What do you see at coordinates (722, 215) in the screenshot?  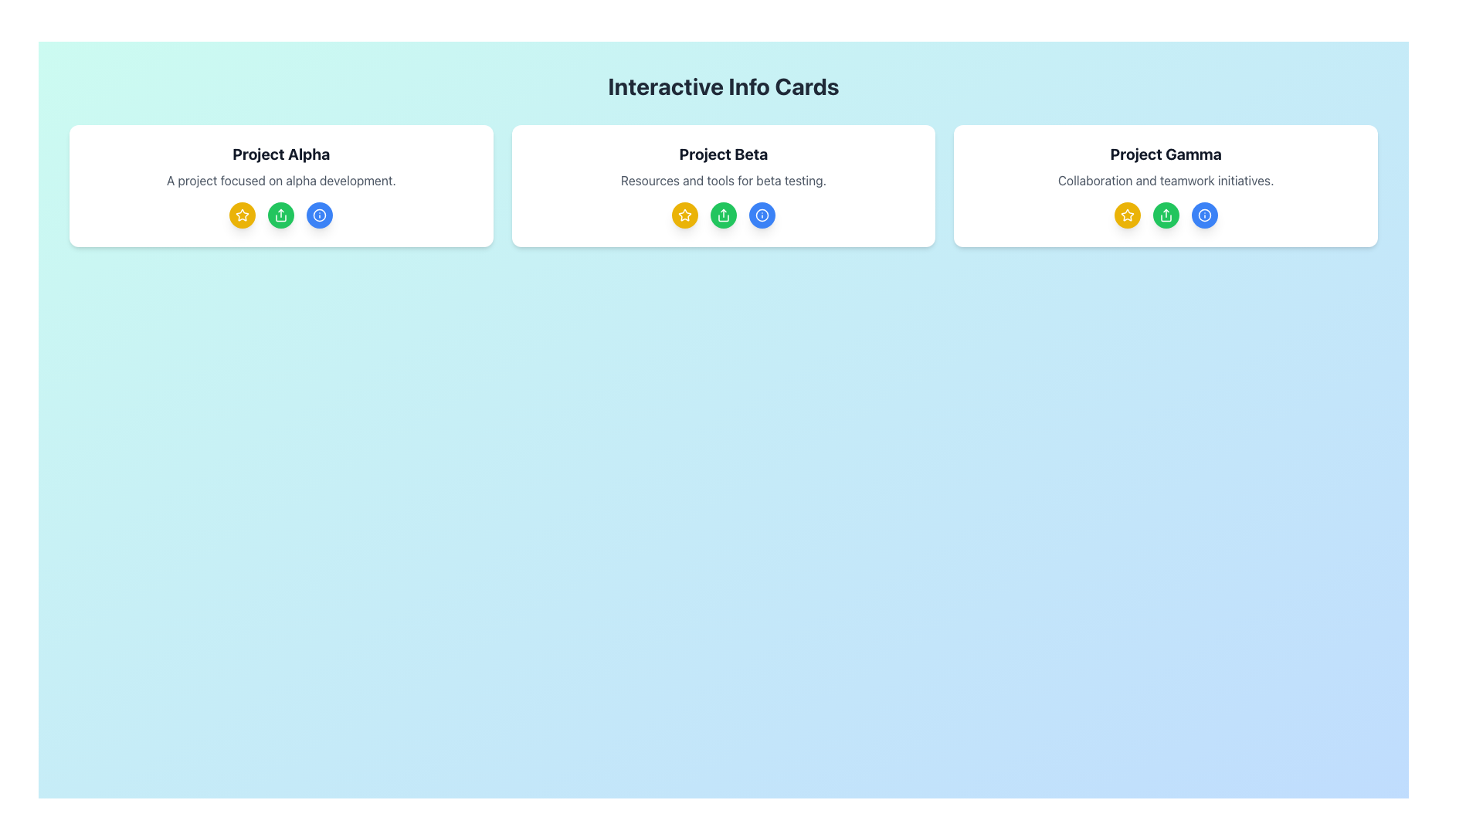 I see `the Share icon button, which is the second action button from the left within the green circular button on the 'Project Beta' UI card, to share the associated content` at bounding box center [722, 215].